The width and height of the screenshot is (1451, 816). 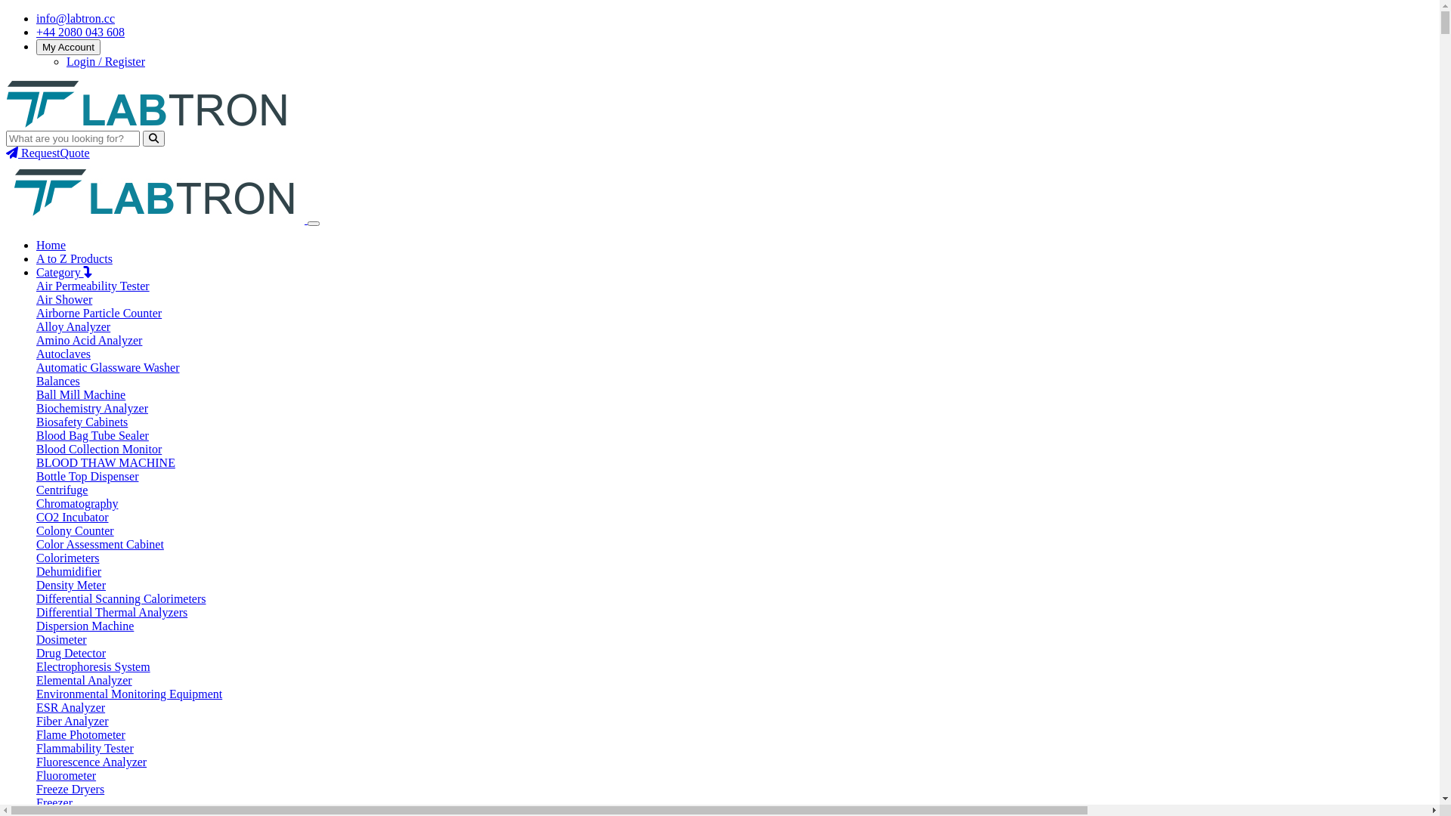 What do you see at coordinates (70, 652) in the screenshot?
I see `'Drug Detector'` at bounding box center [70, 652].